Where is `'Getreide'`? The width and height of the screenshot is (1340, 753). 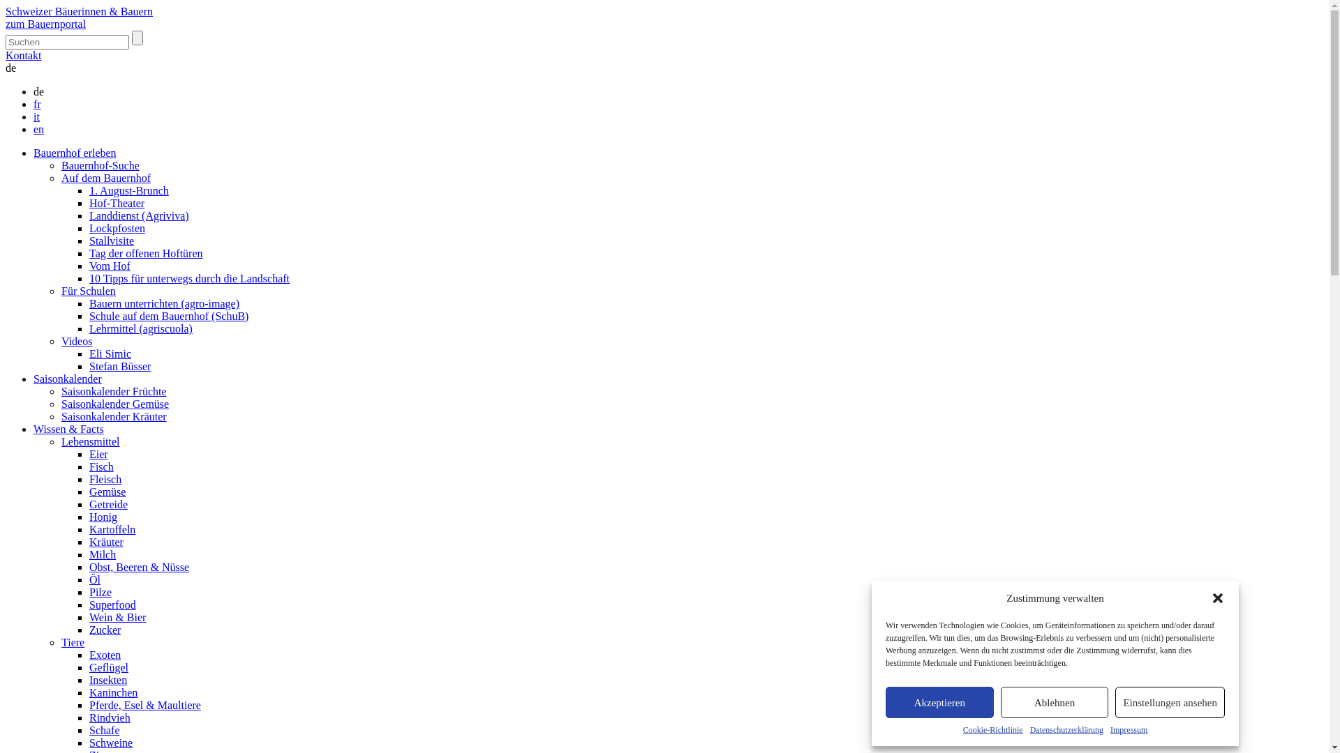
'Getreide' is located at coordinates (107, 504).